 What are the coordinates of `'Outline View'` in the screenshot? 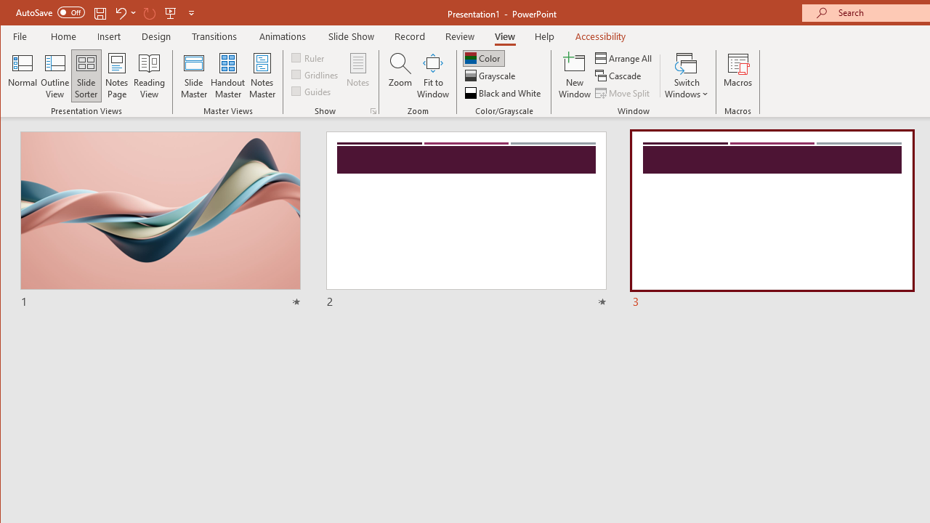 It's located at (55, 76).